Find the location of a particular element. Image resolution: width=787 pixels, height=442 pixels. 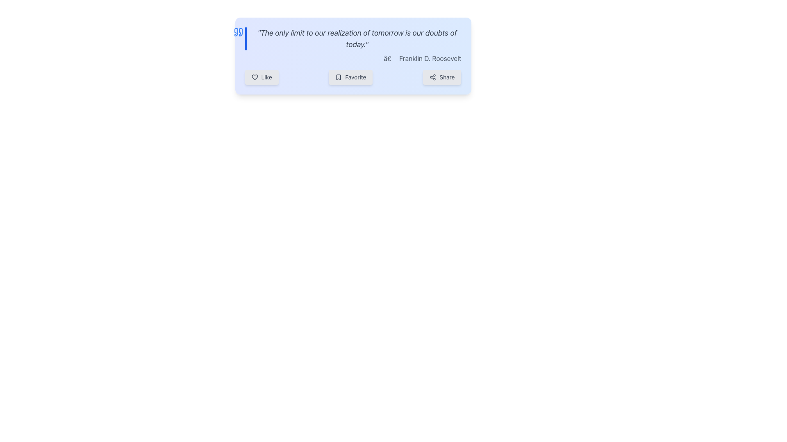

the decorative or functional 'like' icon located in the top-right portion of the interface, positioned next to the 'Like' labeled button is located at coordinates (254, 77).